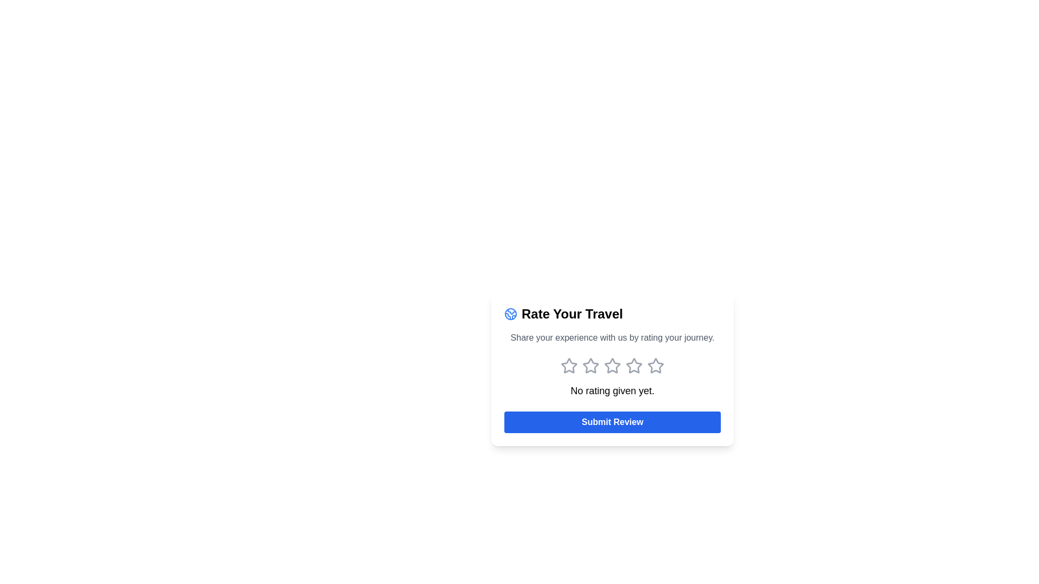  Describe the element at coordinates (655, 366) in the screenshot. I see `the fifth star icon in the rating widget to assign a maximum rating of 5 stars` at that location.